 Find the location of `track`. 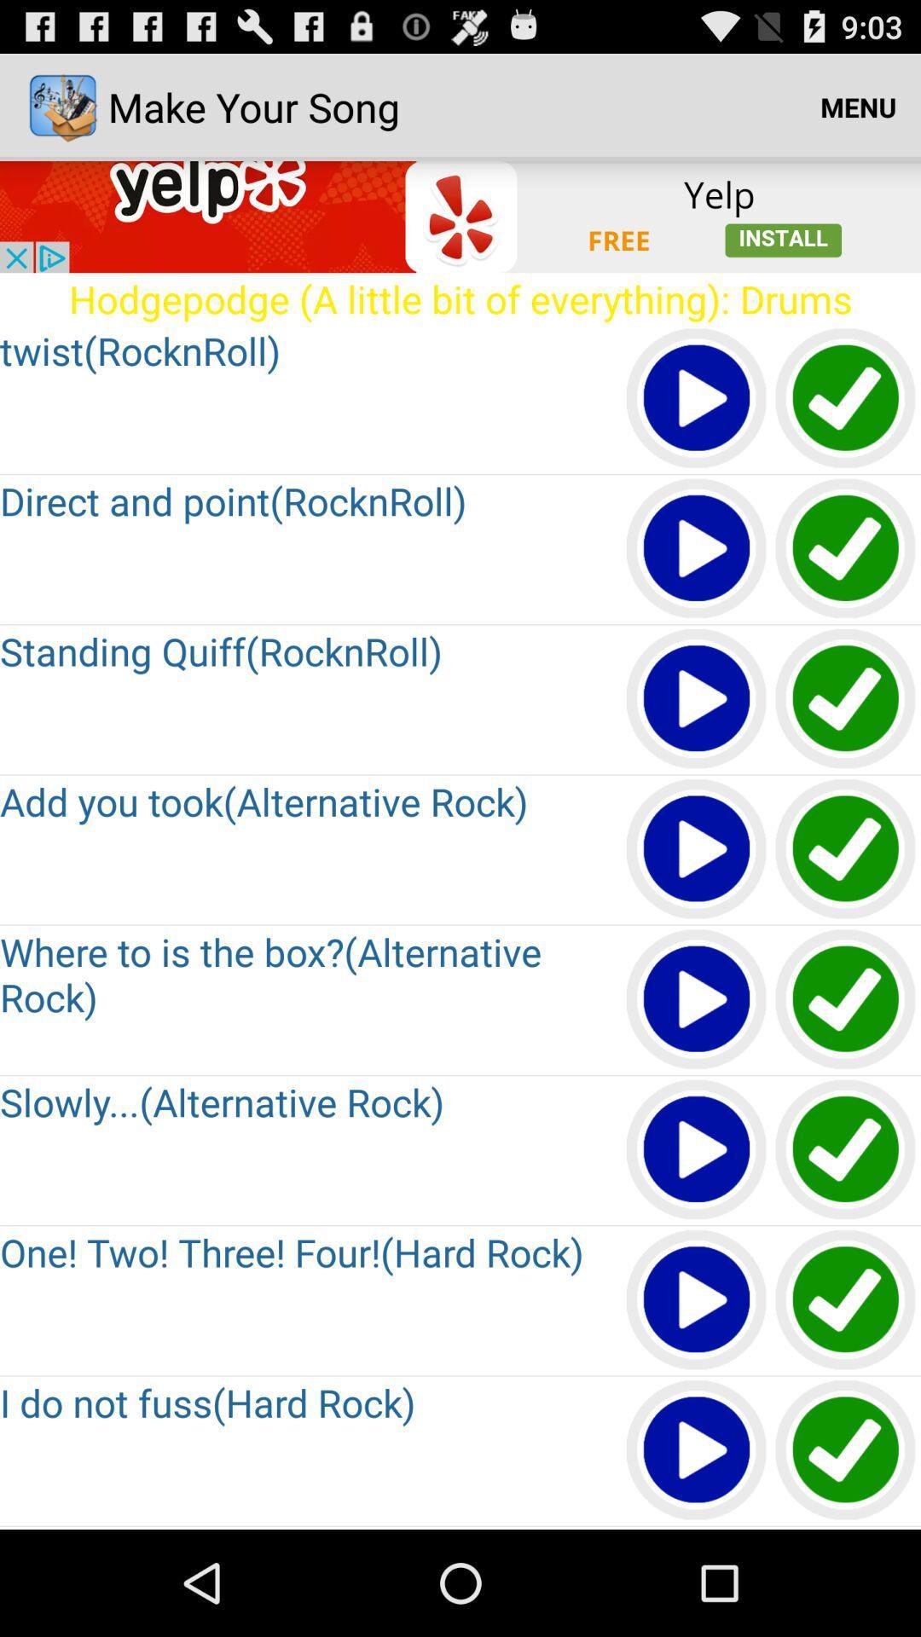

track is located at coordinates (697, 1150).